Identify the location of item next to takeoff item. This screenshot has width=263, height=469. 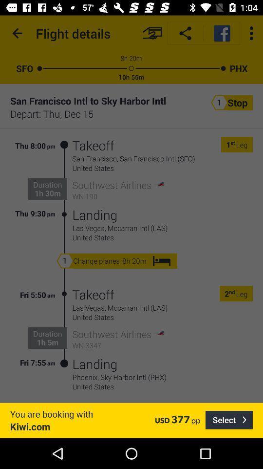
(64, 329).